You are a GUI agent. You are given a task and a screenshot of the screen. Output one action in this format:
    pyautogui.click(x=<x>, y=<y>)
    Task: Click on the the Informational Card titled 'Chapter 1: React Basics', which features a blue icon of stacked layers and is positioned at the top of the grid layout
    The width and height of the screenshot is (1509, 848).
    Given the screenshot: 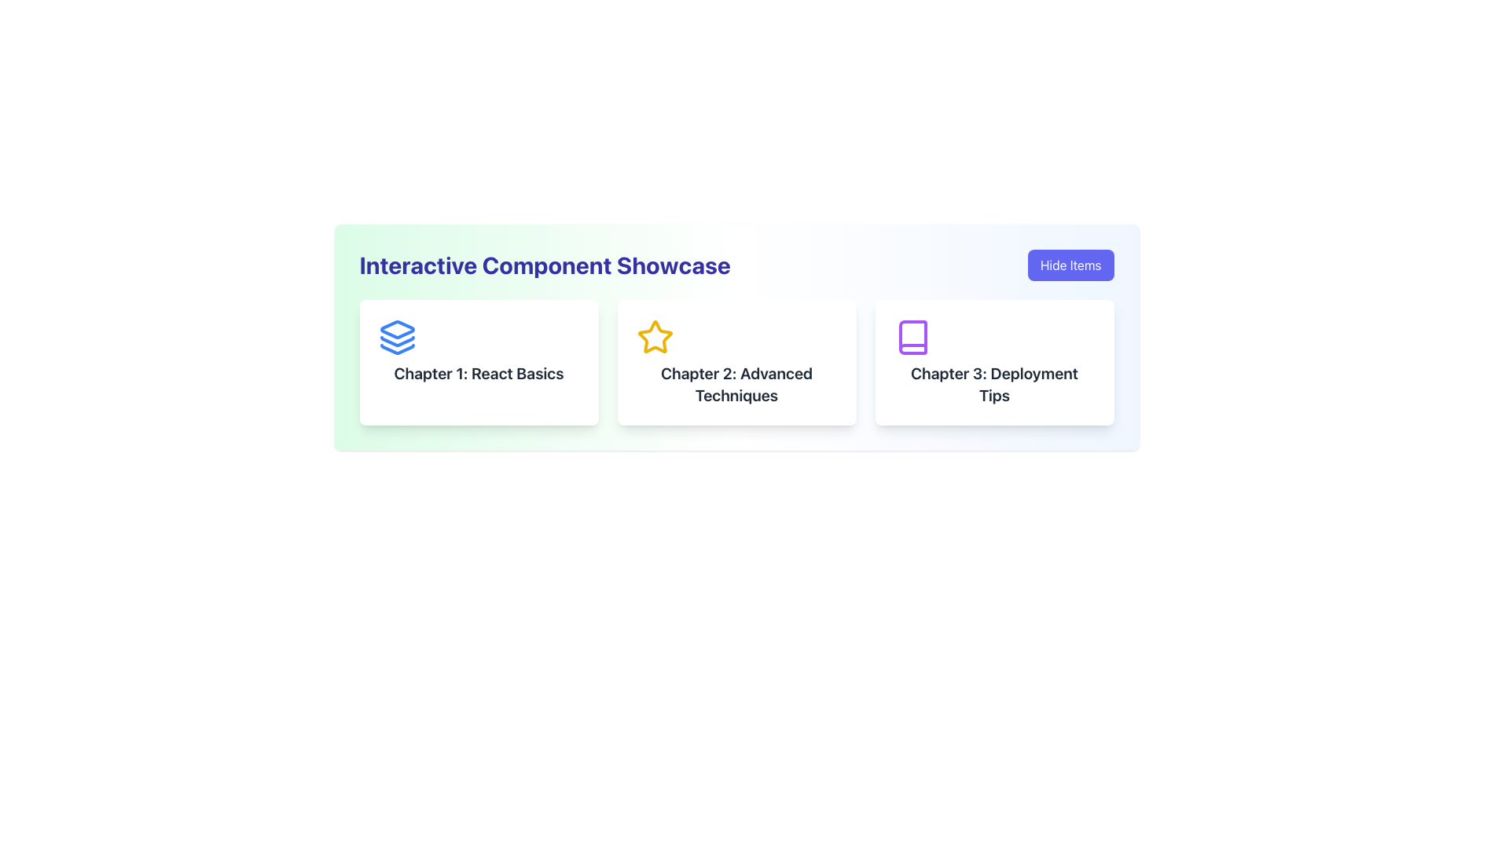 What is the action you would take?
    pyautogui.click(x=478, y=363)
    